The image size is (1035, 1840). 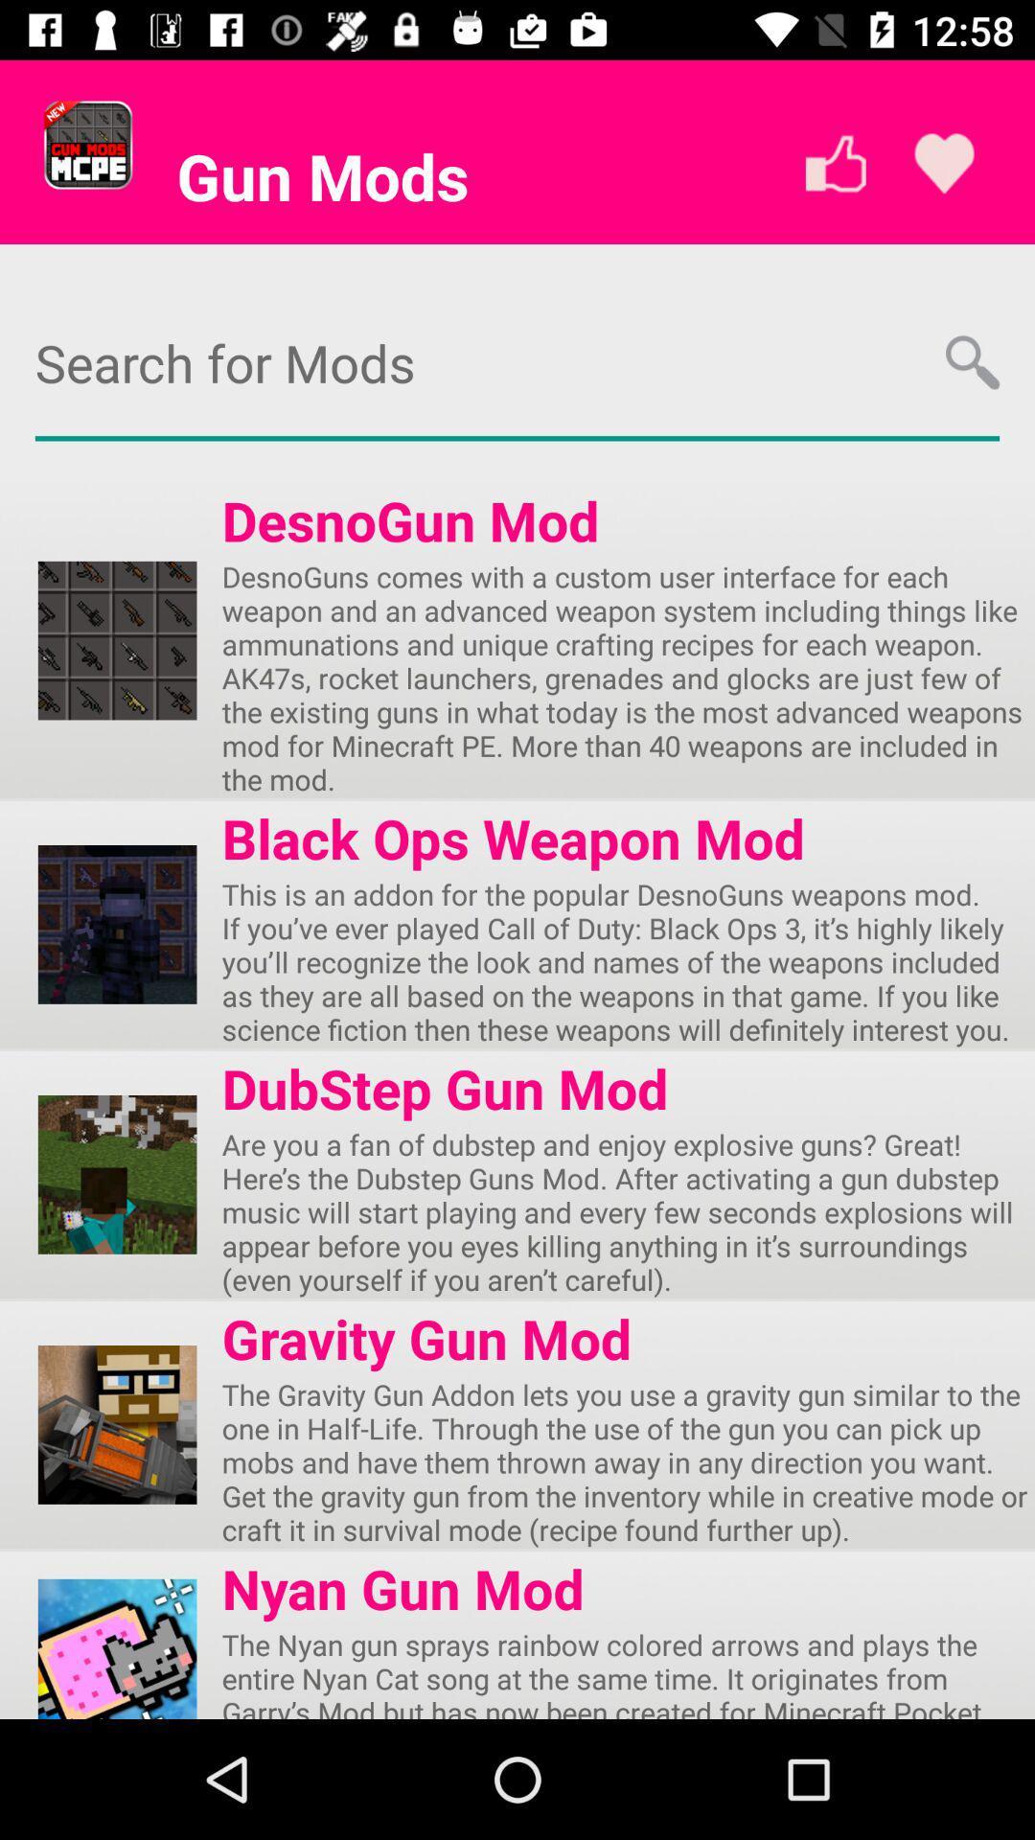 I want to click on the thumbs_up icon, so click(x=835, y=164).